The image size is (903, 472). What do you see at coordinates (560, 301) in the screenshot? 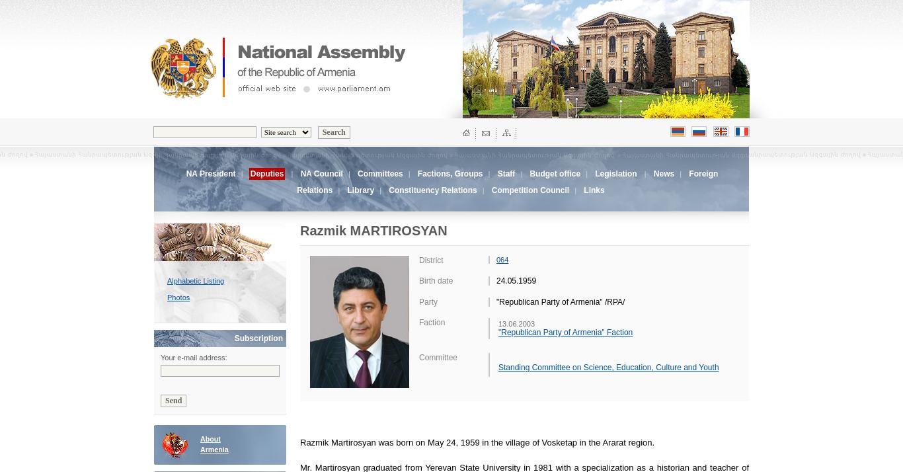
I see `'"Republican Party of Armenia" /RPA/'` at bounding box center [560, 301].